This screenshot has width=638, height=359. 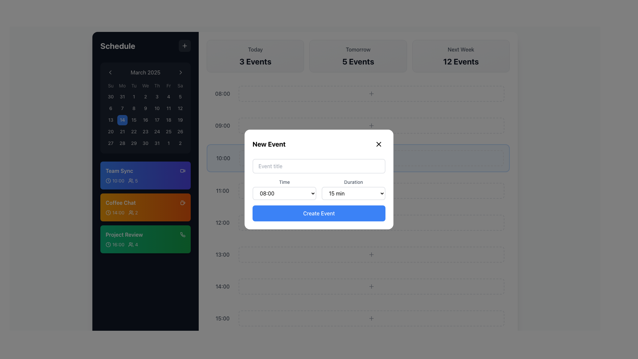 What do you see at coordinates (371, 223) in the screenshot?
I see `the interactive placeholder for adding new content at the time slot '12:00'` at bounding box center [371, 223].